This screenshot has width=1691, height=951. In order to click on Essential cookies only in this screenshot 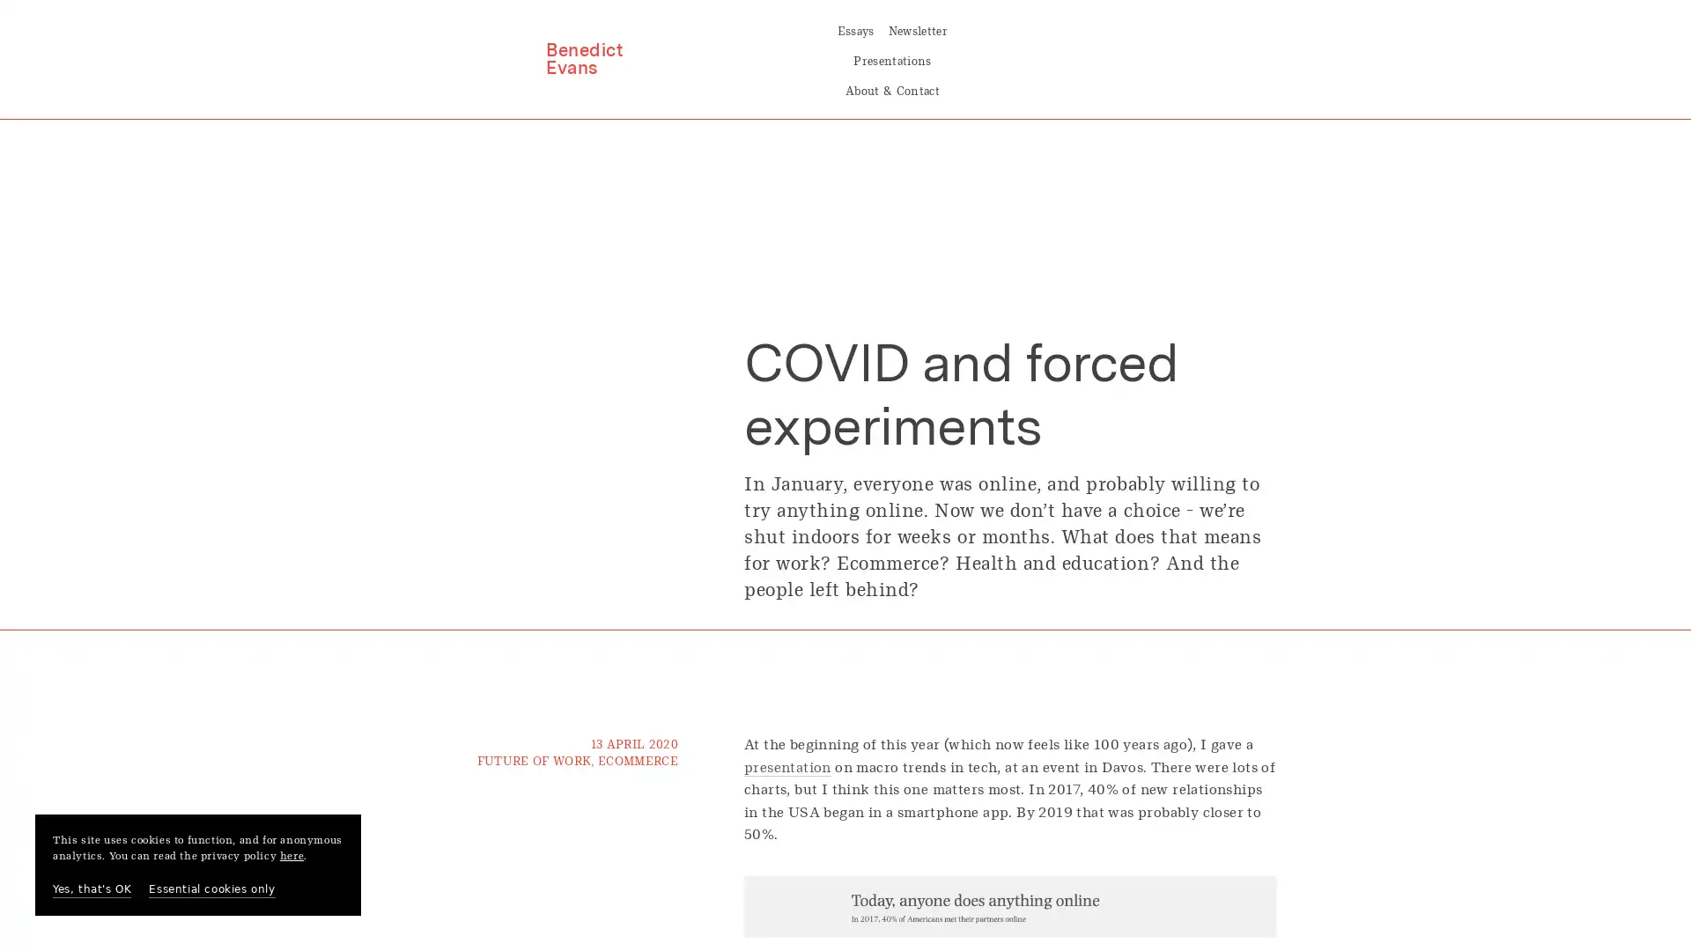, I will do `click(211, 889)`.